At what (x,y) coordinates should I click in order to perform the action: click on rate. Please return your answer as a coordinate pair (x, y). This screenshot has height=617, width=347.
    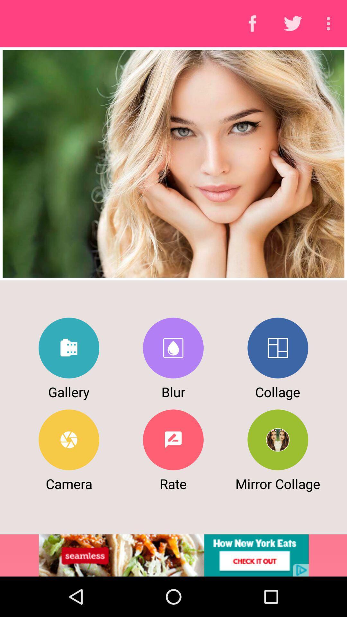
    Looking at the image, I should click on (173, 439).